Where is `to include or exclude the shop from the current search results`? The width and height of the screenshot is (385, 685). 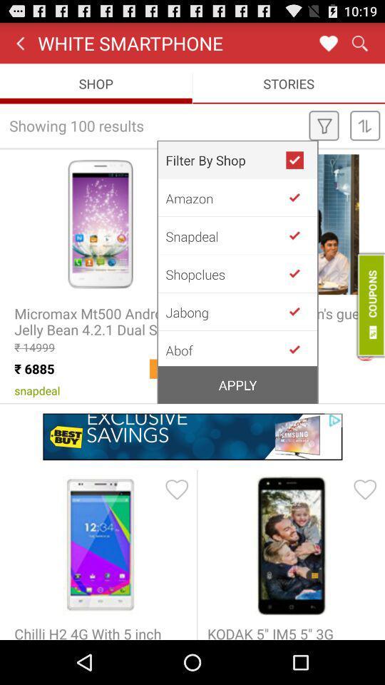 to include or exclude the shop from the current search results is located at coordinates (299, 197).